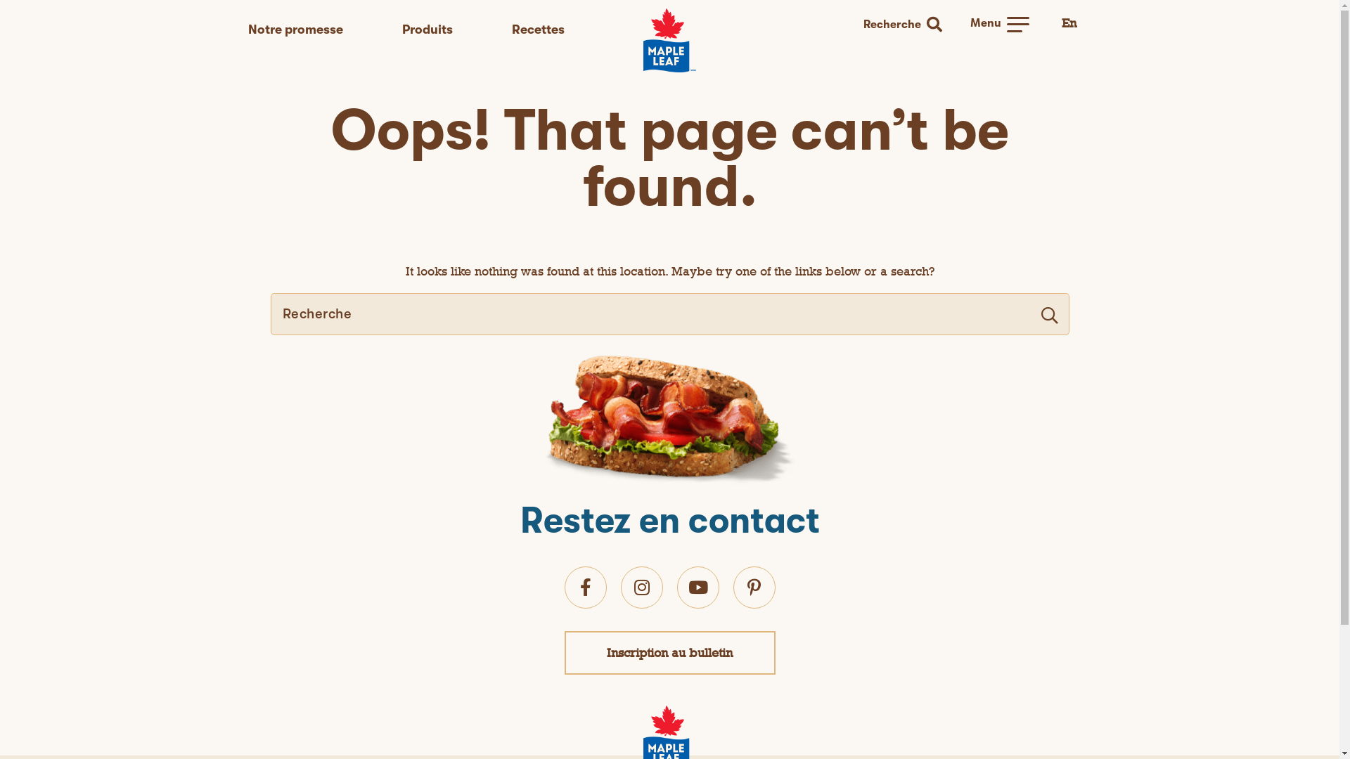 Image resolution: width=1350 pixels, height=759 pixels. What do you see at coordinates (669, 652) in the screenshot?
I see `'Inscription au bulletin'` at bounding box center [669, 652].